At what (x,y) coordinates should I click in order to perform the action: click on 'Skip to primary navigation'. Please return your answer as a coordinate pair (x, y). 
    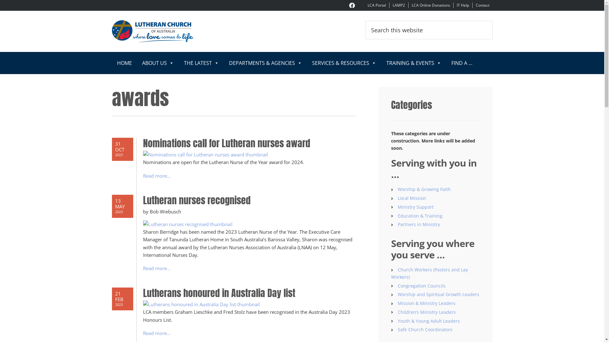
    Looking at the image, I should click on (0, 0).